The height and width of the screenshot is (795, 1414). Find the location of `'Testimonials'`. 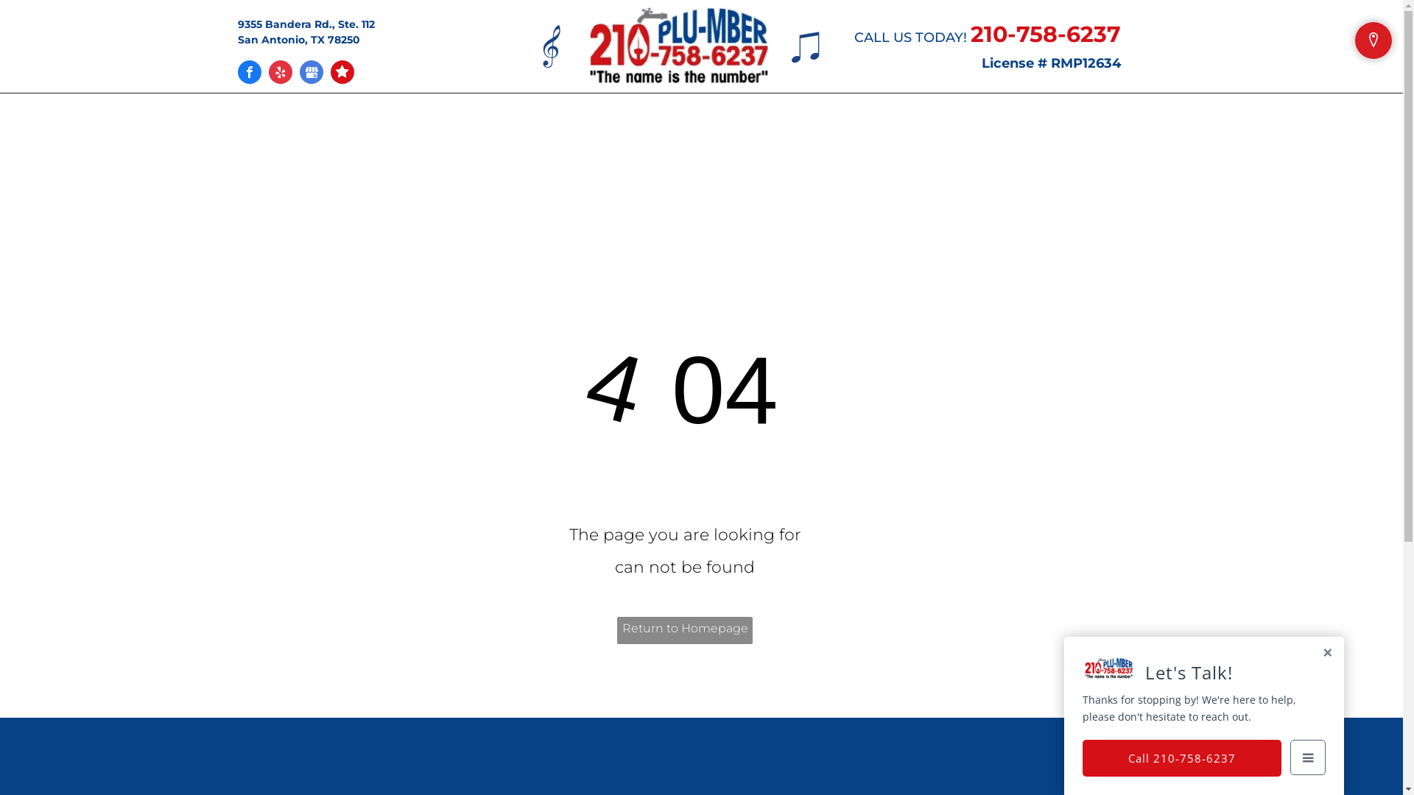

'Testimonials' is located at coordinates (760, 123).